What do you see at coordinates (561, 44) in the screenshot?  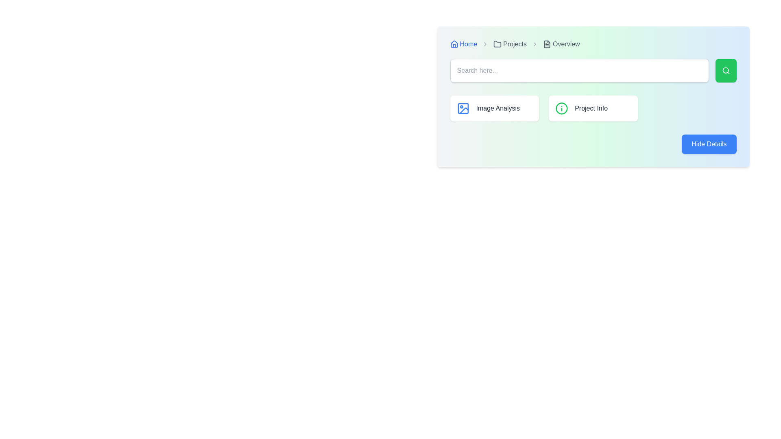 I see `the Breadcrumb item labeled 'Overview' with a document icon, located at the top-right portion of the page` at bounding box center [561, 44].